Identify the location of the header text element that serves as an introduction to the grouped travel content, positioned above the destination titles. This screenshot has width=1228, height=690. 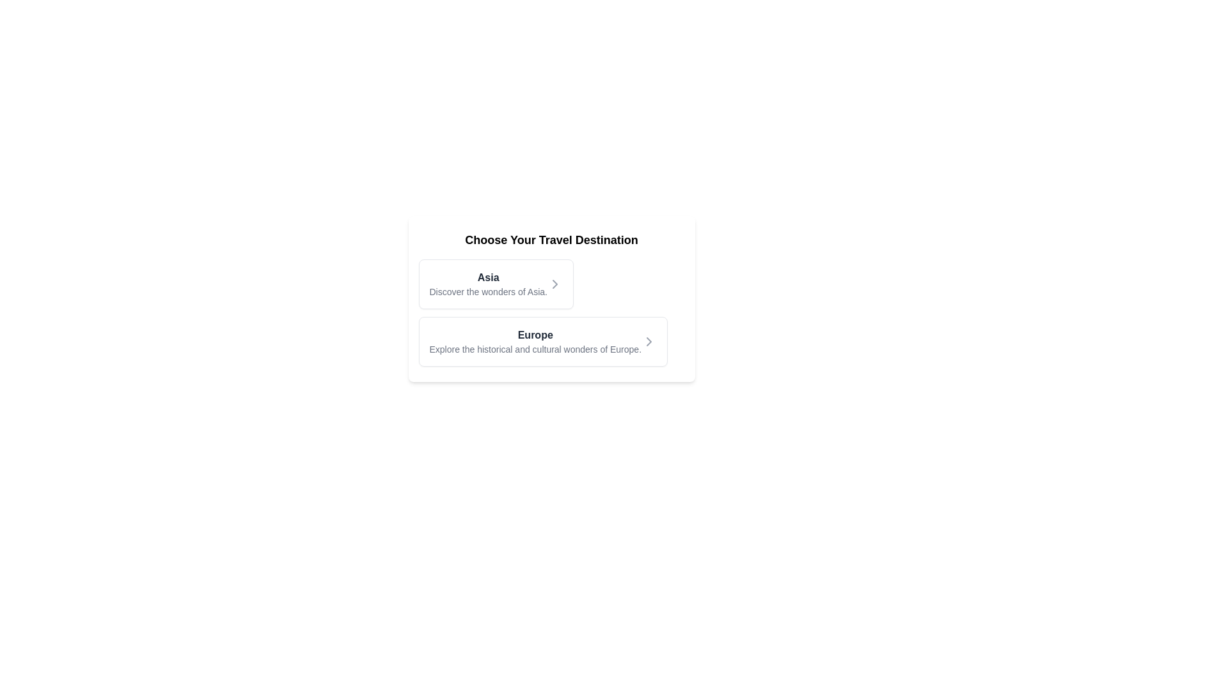
(551, 240).